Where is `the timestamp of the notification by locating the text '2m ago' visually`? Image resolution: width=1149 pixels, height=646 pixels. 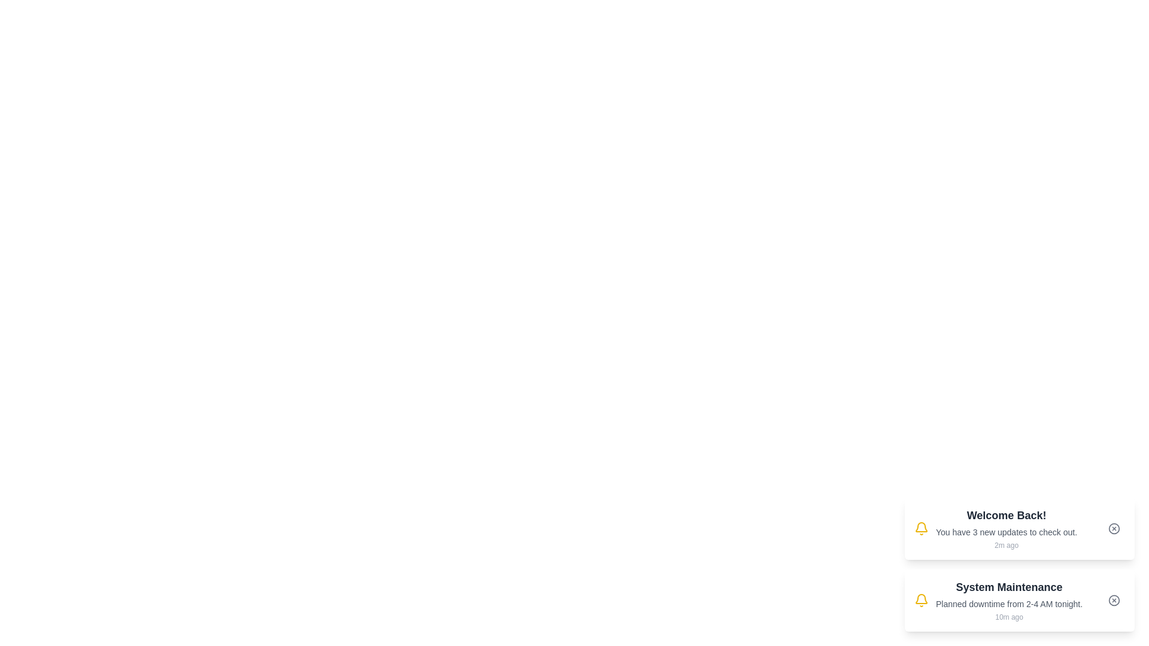
the timestamp of the notification by locating the text '2m ago' visually is located at coordinates (1005, 545).